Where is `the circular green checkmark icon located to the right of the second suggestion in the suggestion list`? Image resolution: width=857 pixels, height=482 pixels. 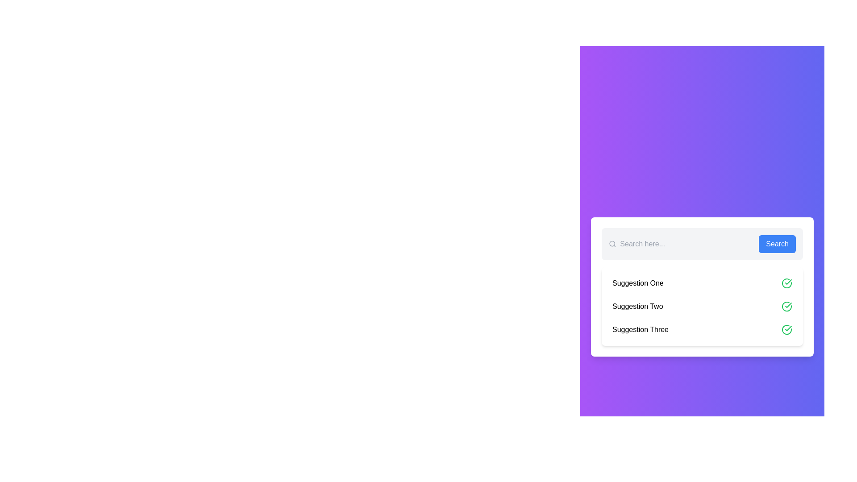
the circular green checkmark icon located to the right of the second suggestion in the suggestion list is located at coordinates (786, 283).